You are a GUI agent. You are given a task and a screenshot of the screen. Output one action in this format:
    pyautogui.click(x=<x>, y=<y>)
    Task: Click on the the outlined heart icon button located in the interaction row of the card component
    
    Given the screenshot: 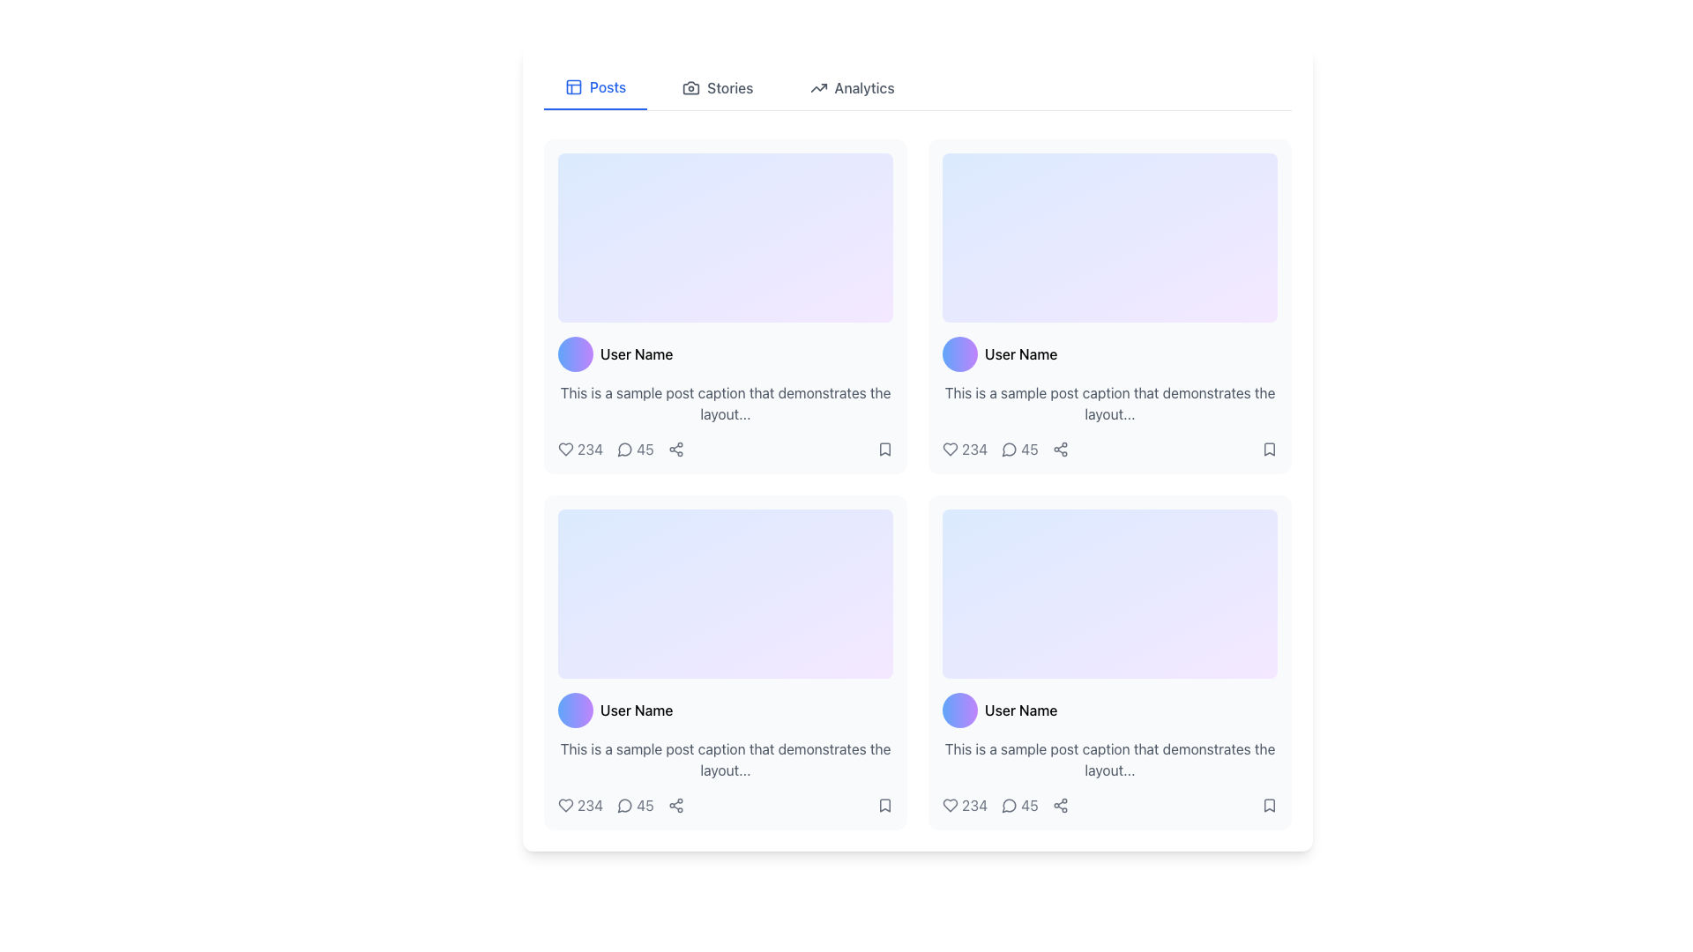 What is the action you would take?
    pyautogui.click(x=950, y=448)
    